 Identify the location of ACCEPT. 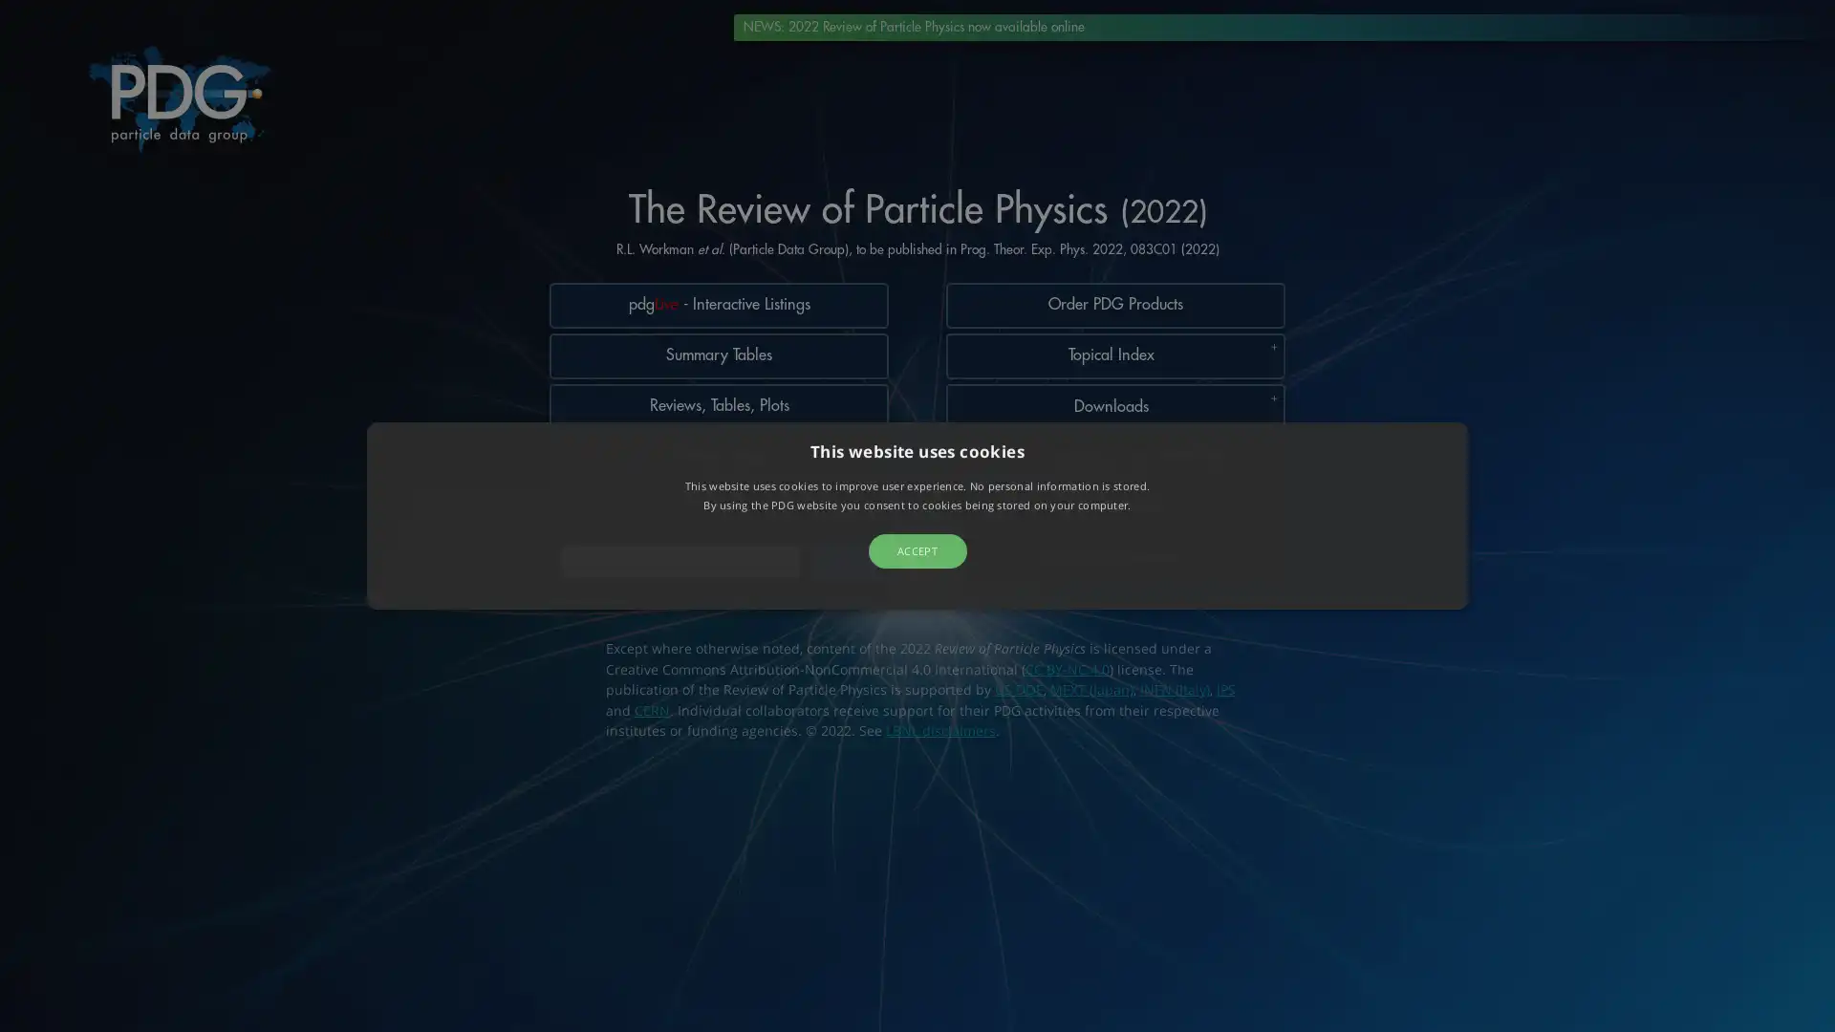
(916, 549).